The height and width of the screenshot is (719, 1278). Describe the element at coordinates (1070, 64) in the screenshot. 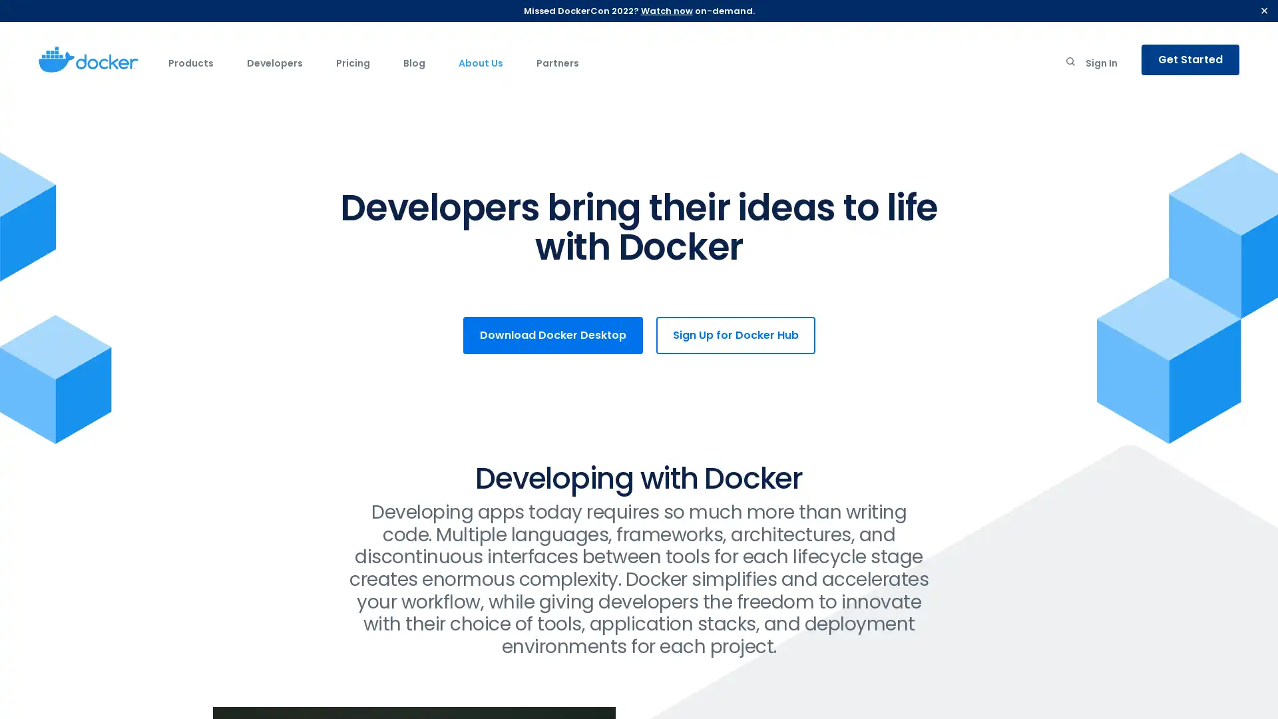

I see `Search` at that location.